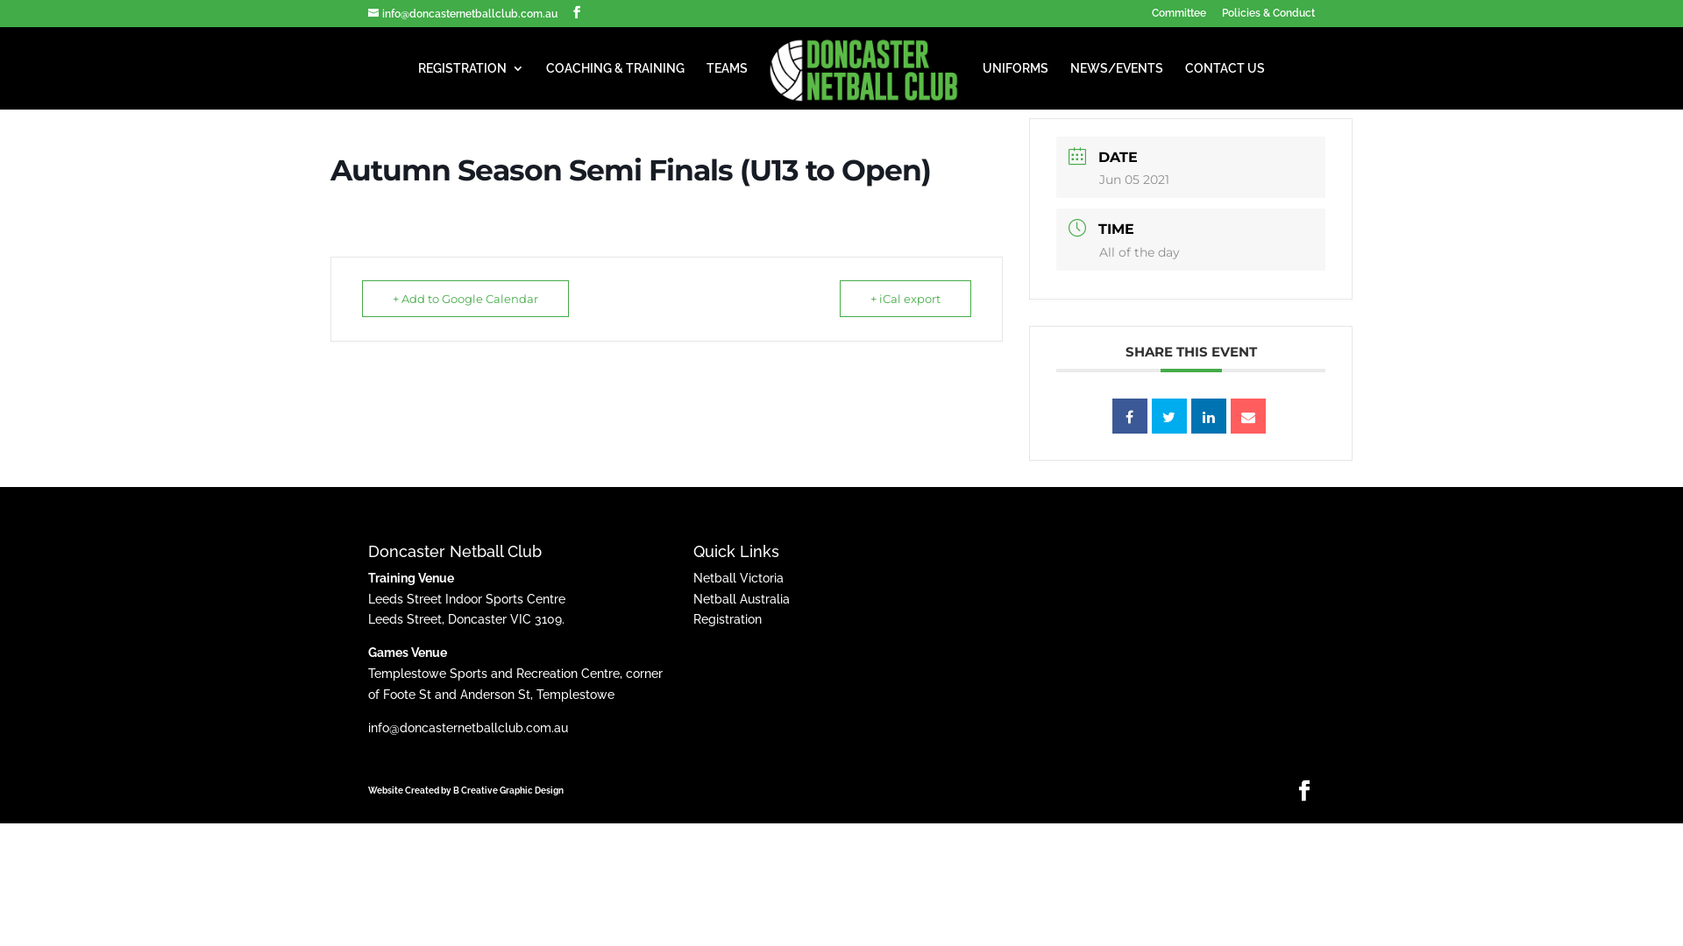 This screenshot has height=946, width=1683. Describe the element at coordinates (1247, 415) in the screenshot. I see `'Email'` at that location.